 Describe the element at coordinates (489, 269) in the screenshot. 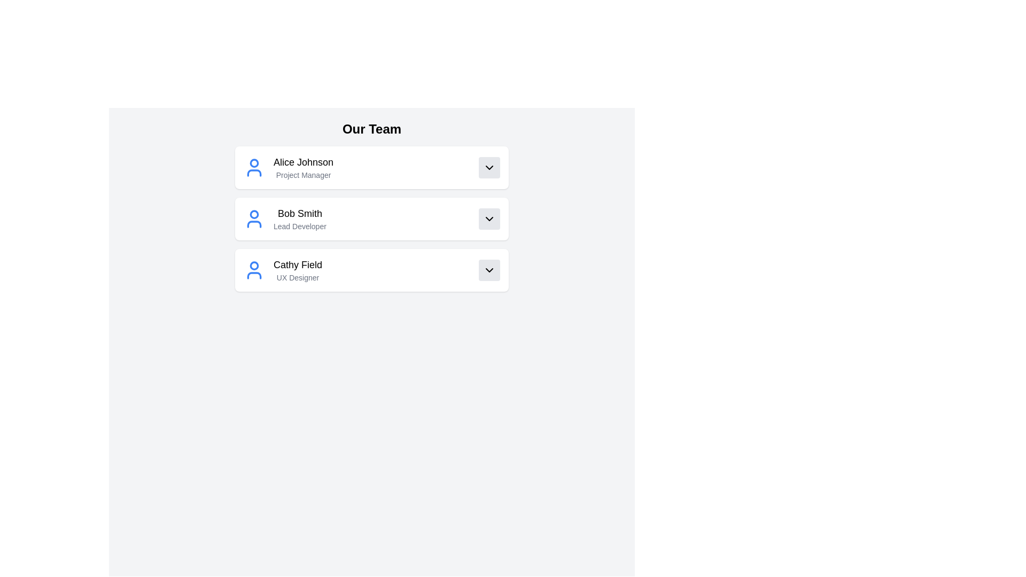

I see `the inverted chevron icon within the button on the far right of the row labeled 'Cathy Field UX Designer'` at that location.